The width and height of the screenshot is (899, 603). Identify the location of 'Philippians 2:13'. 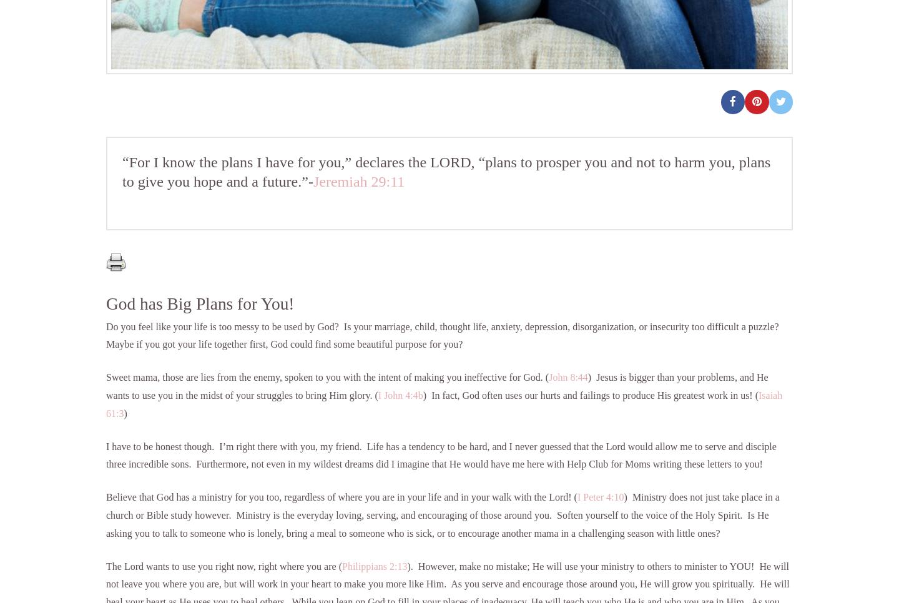
(341, 565).